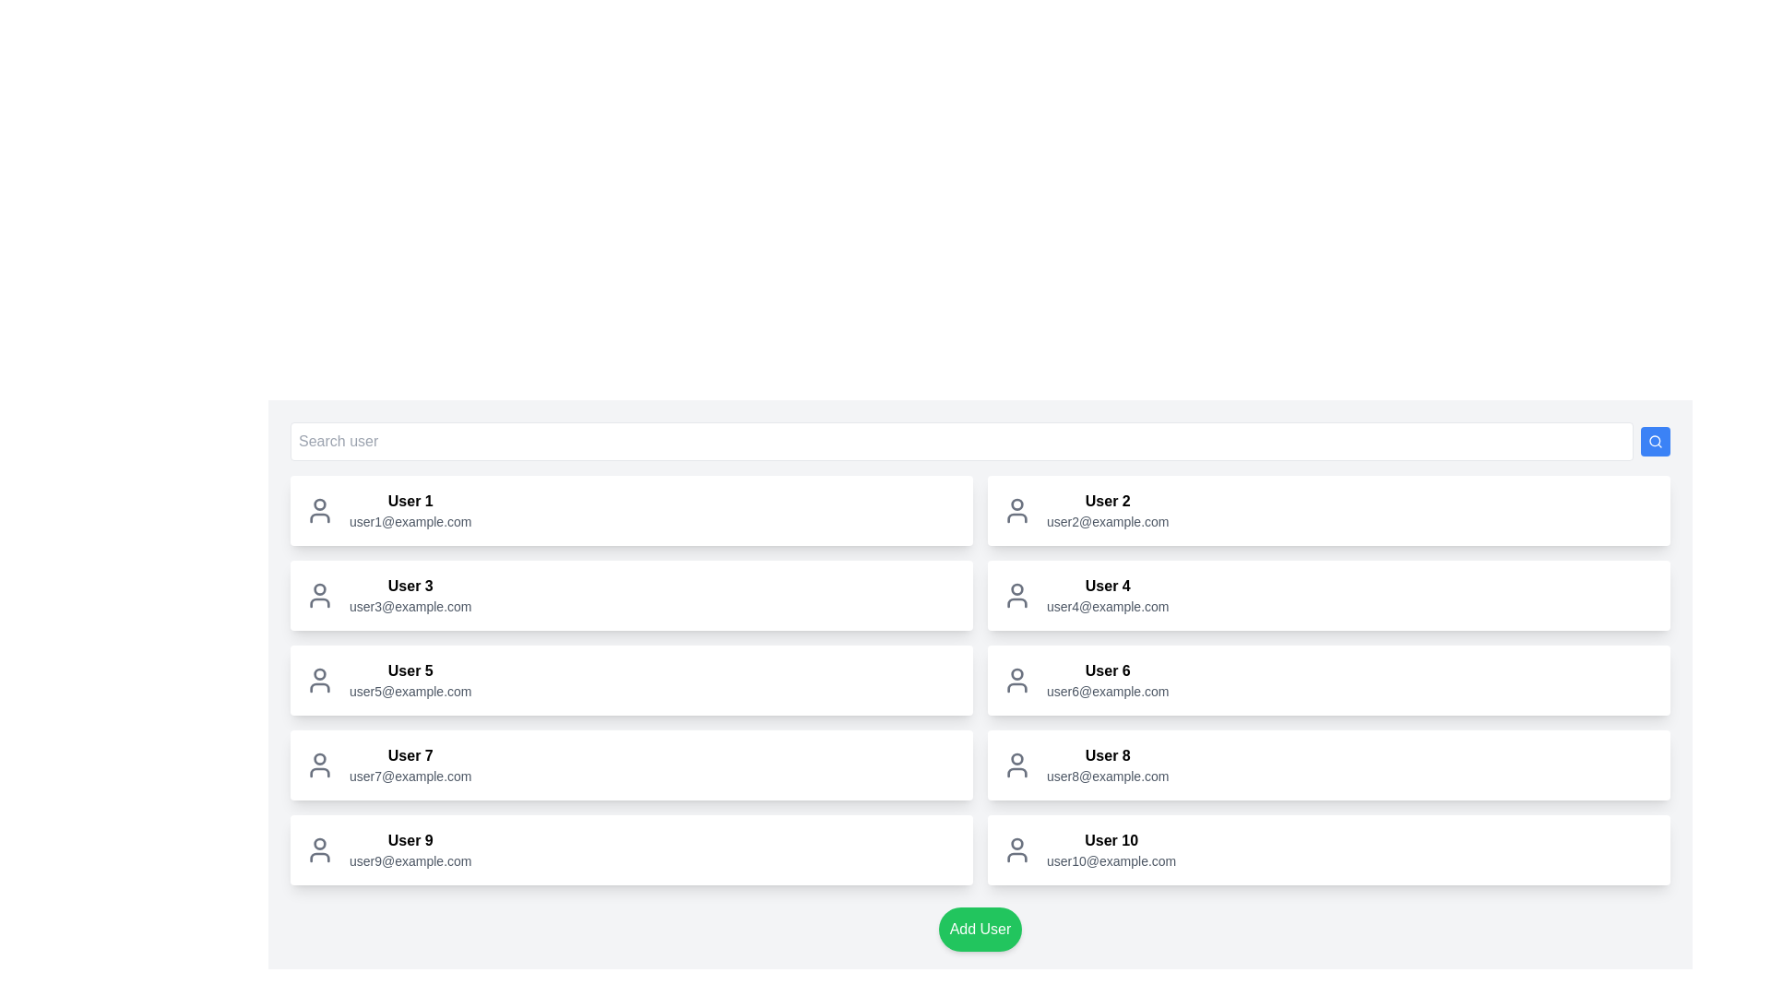 The width and height of the screenshot is (1771, 996). I want to click on the lower part of the user profile icon (shoulders) for 'User 2' in the second row of the right-hand column interface, so click(1016, 518).